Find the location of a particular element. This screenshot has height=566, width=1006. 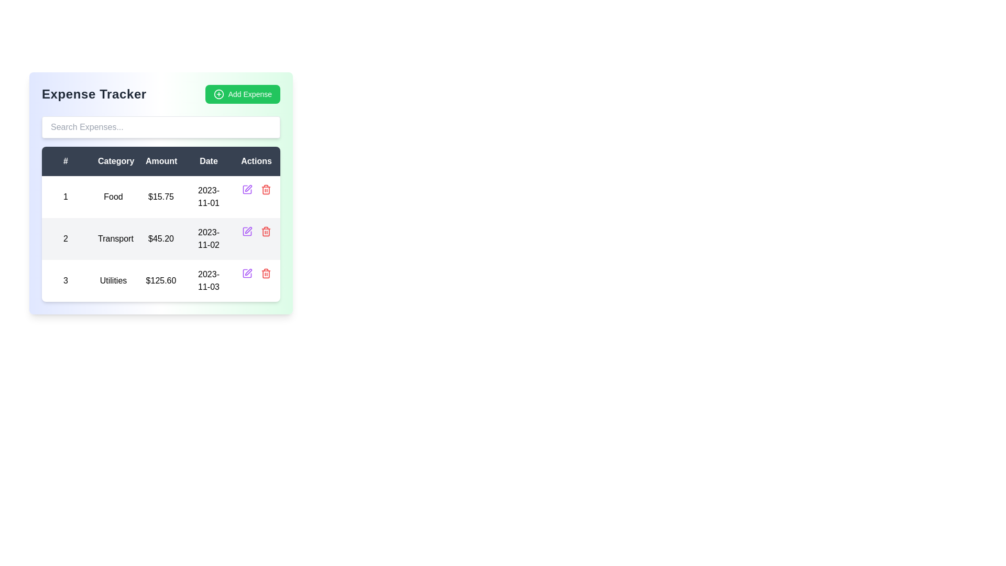

the Text label displaying 'Food' in the second column of the first row within the expense tracker table is located at coordinates (113, 197).